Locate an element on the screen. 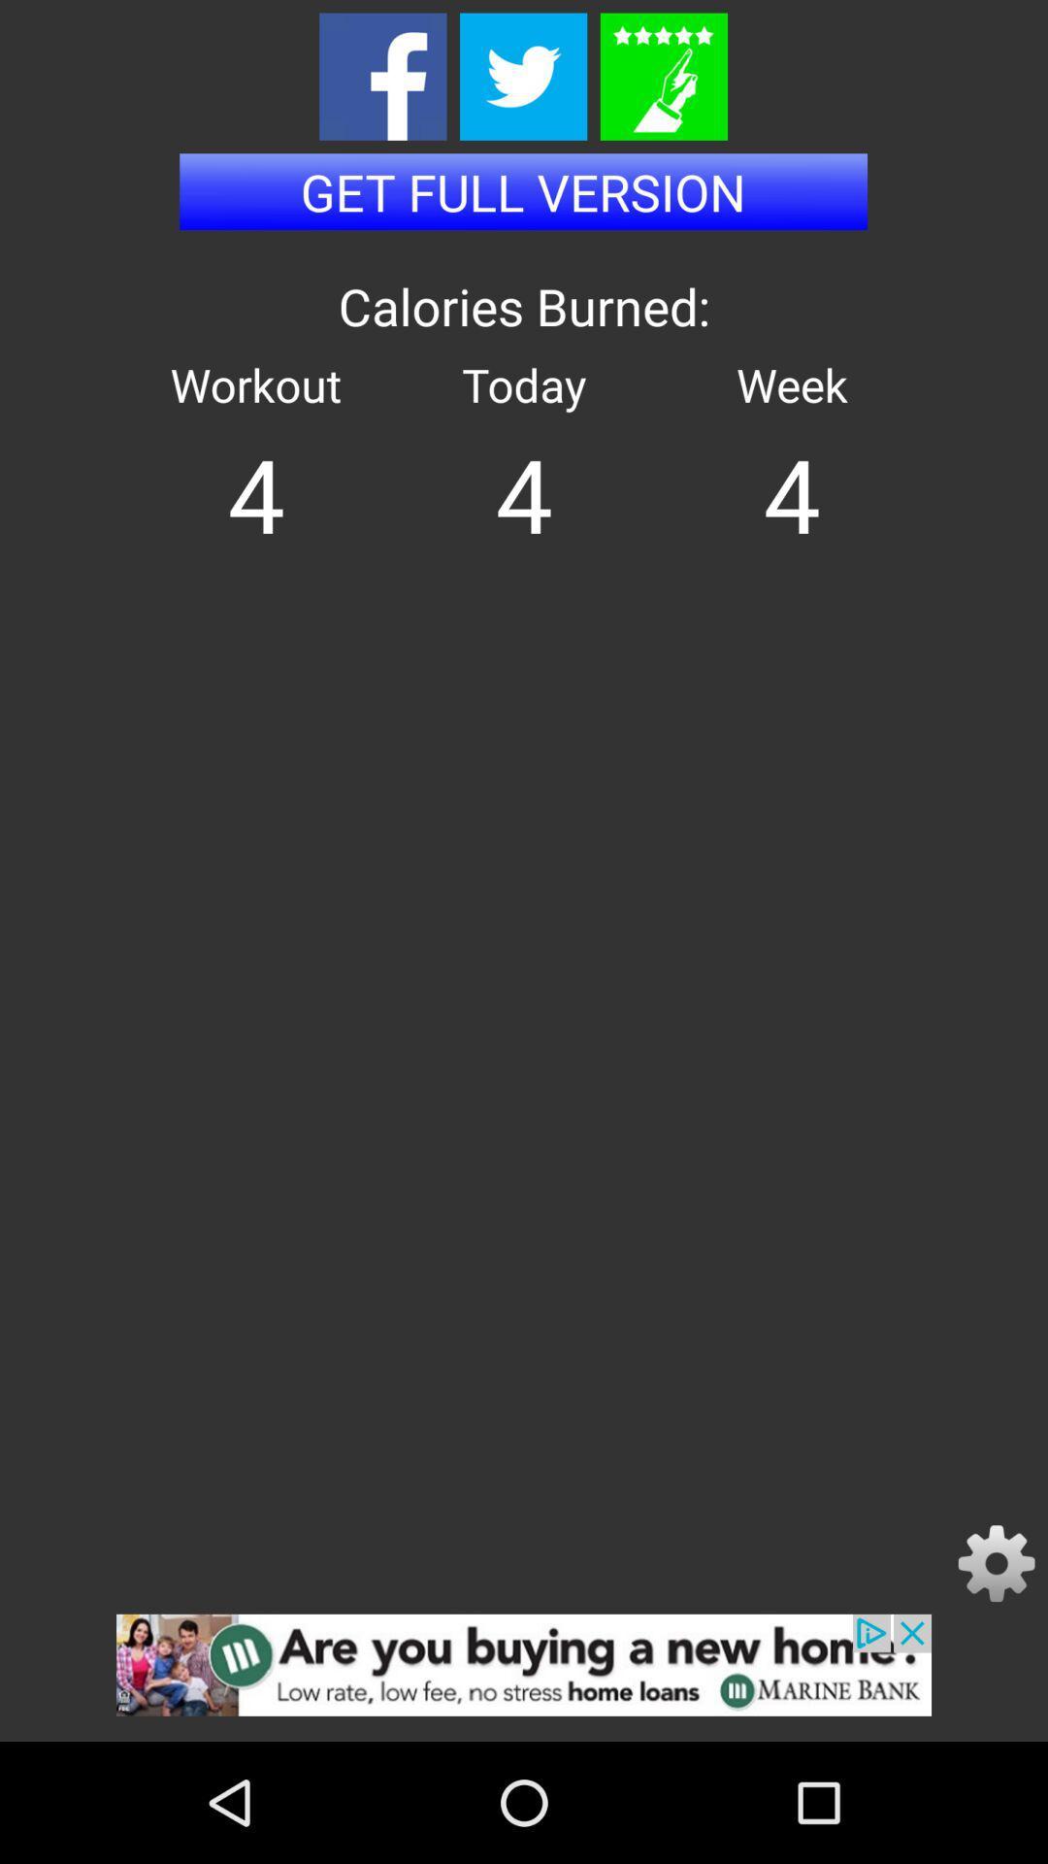 This screenshot has width=1048, height=1864. star rating is located at coordinates (663, 77).